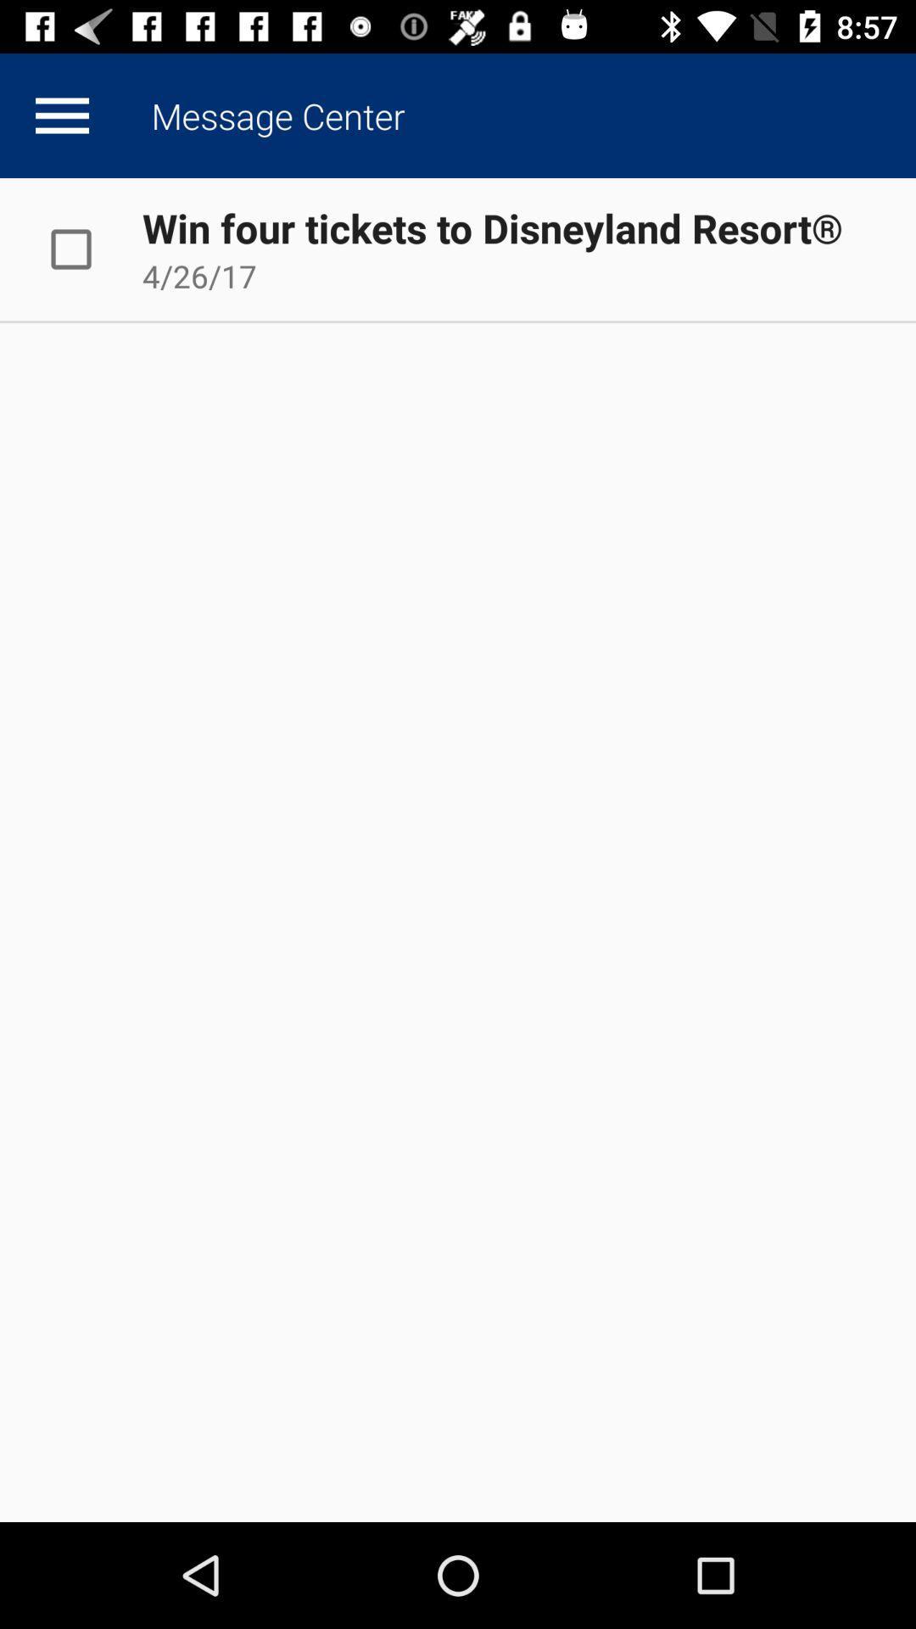 The height and width of the screenshot is (1629, 916). What do you see at coordinates (61, 115) in the screenshot?
I see `the icon next to message center icon` at bounding box center [61, 115].